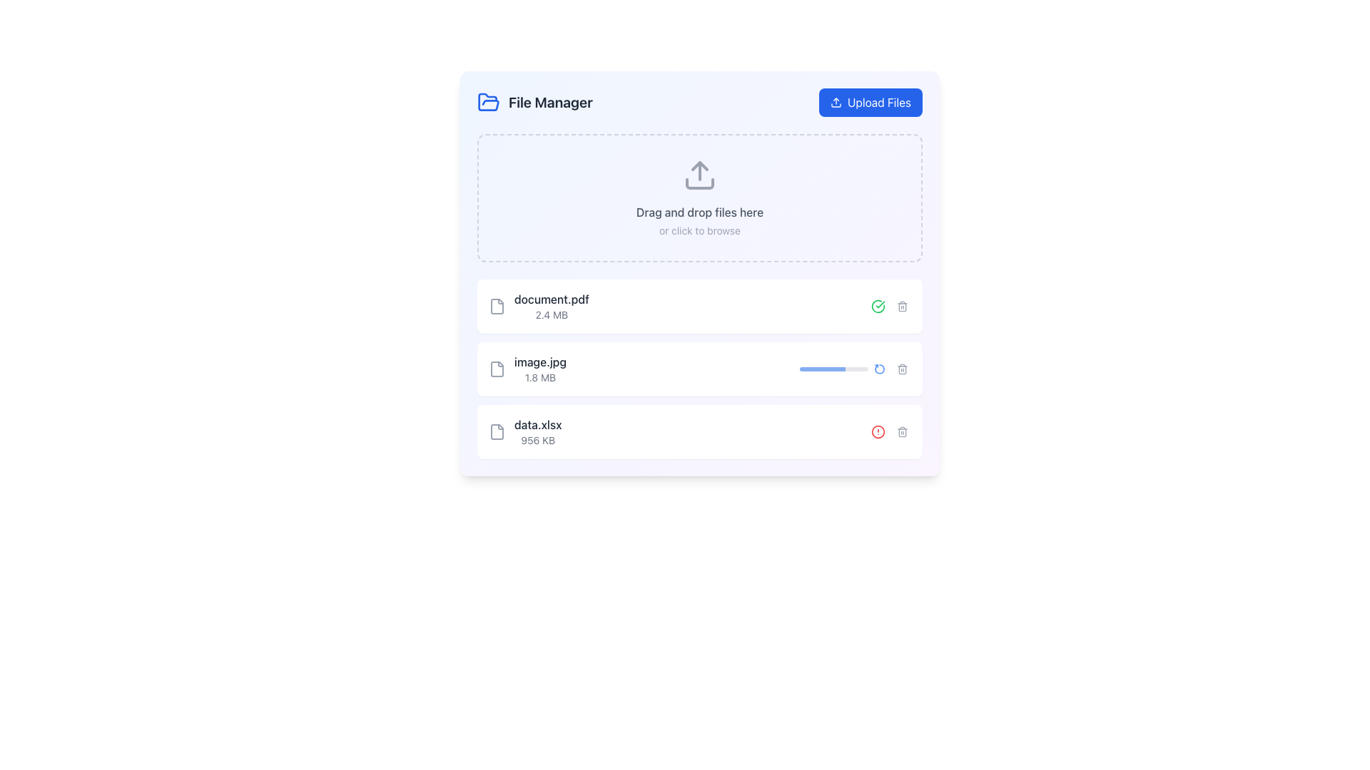 Image resolution: width=1370 pixels, height=770 pixels. I want to click on the text label displaying '956 KB' located directly underneath the filename 'data.xlsx' in the file manager interface for accessibility, so click(537, 439).